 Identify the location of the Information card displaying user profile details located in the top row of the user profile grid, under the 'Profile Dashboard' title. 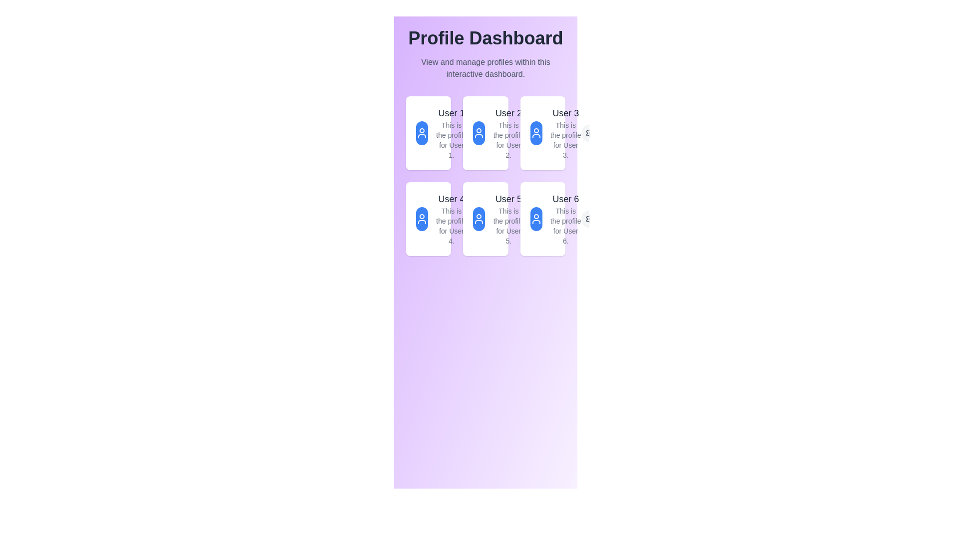
(555, 132).